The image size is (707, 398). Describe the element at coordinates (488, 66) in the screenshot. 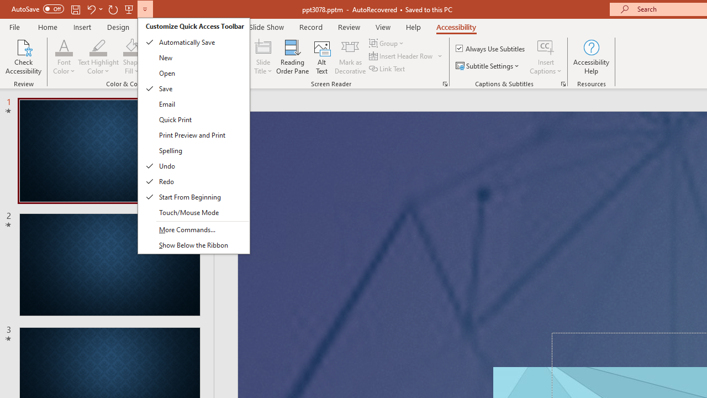

I see `'Subtitle Settings'` at that location.